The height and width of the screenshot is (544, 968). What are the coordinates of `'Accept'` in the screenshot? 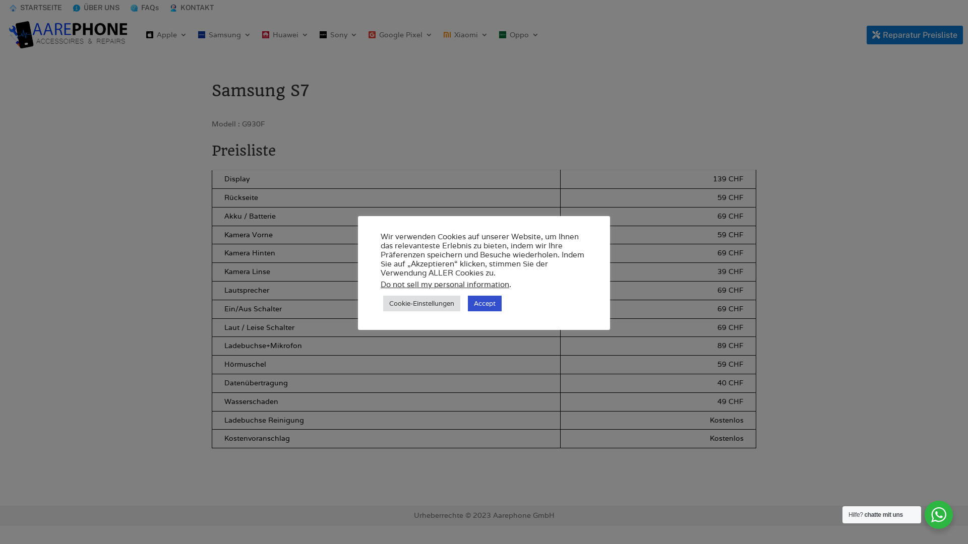 It's located at (467, 303).